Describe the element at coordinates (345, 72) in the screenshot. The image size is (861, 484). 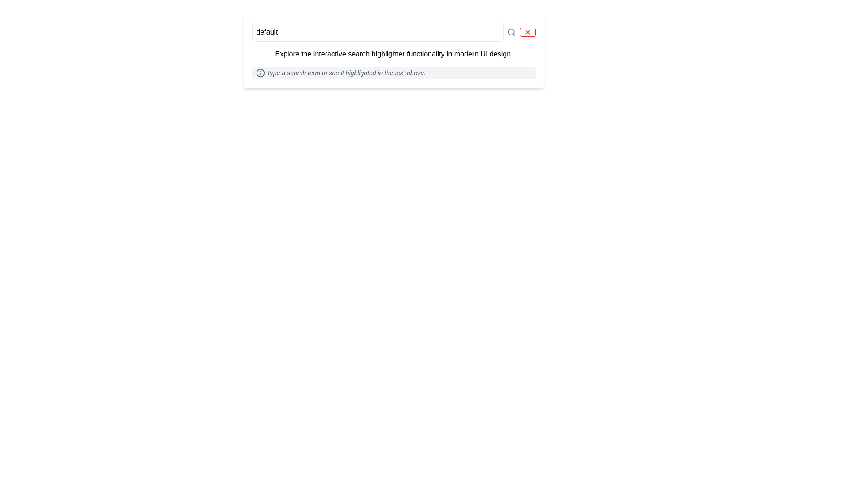
I see `the italic text label displaying 'Type a search term` at that location.